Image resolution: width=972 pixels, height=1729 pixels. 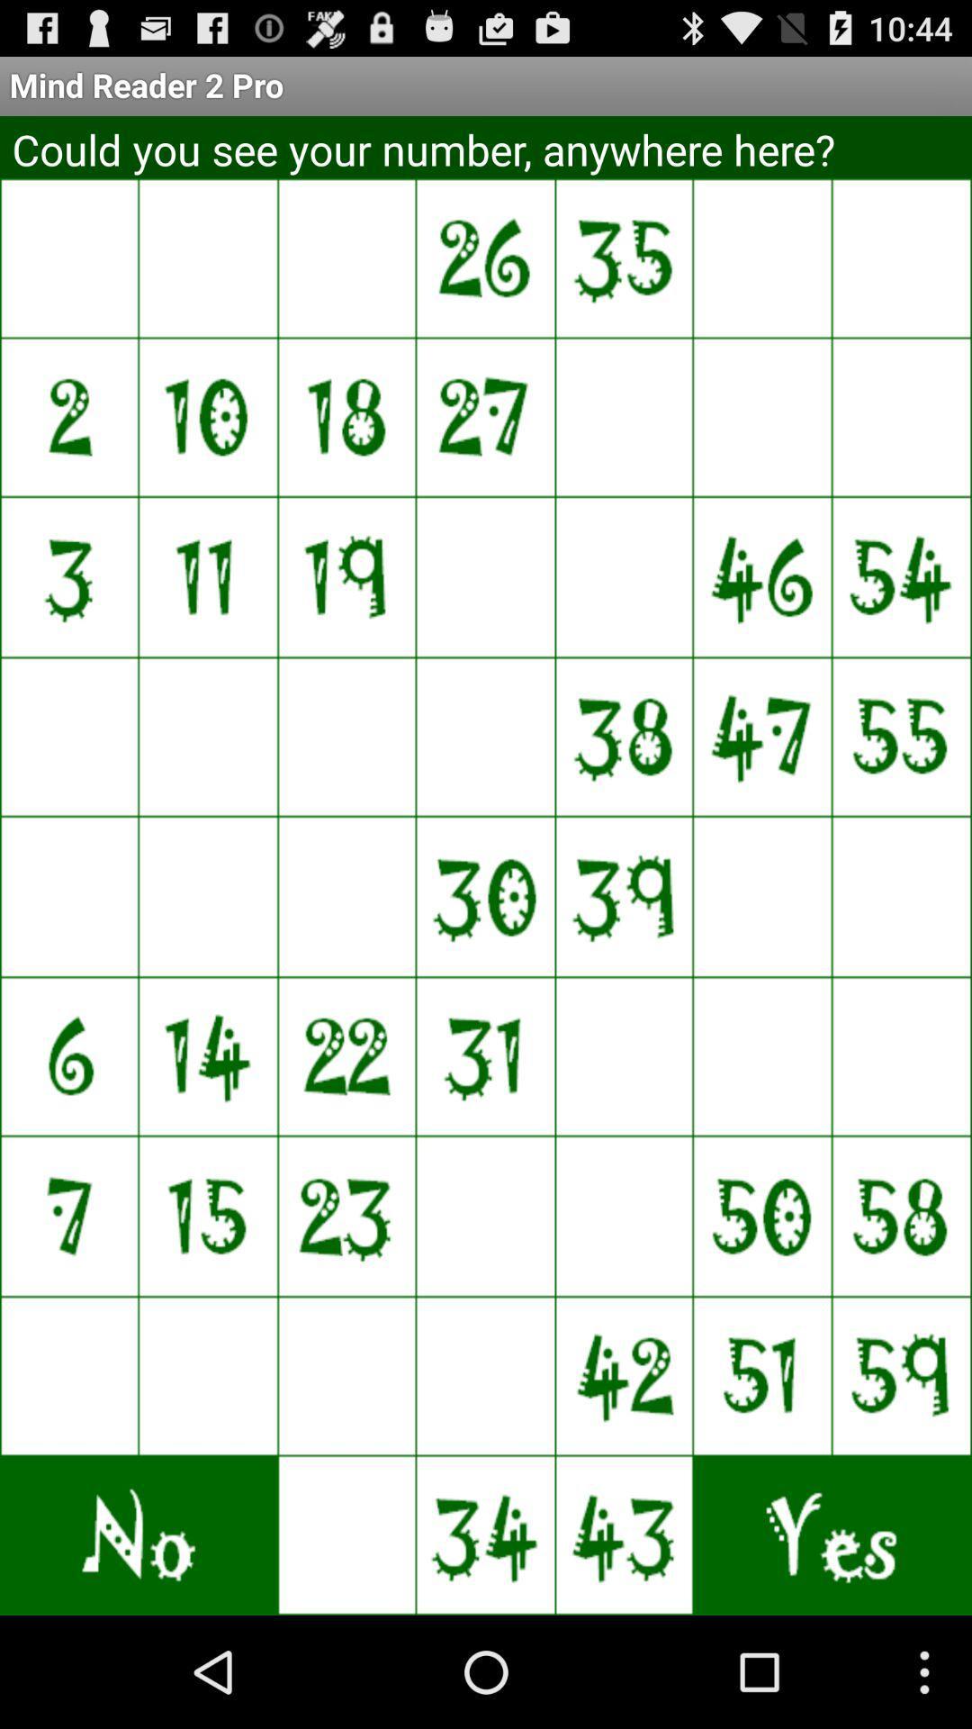 I want to click on numbers, so click(x=763, y=896).